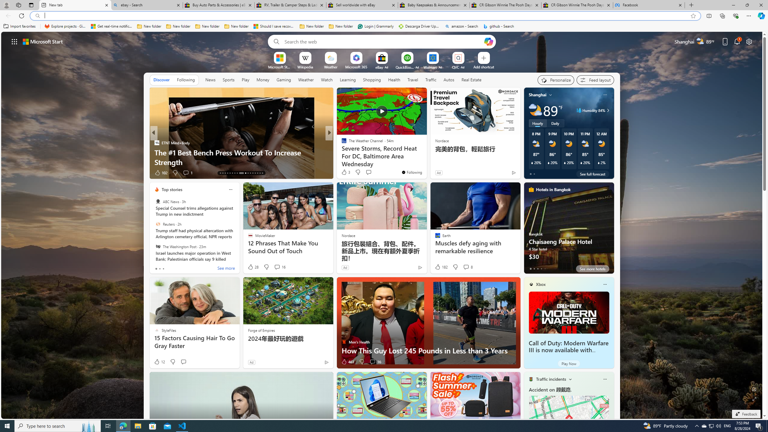 The height and width of the screenshot is (432, 768). I want to click on 'Expand background', so click(754, 399).